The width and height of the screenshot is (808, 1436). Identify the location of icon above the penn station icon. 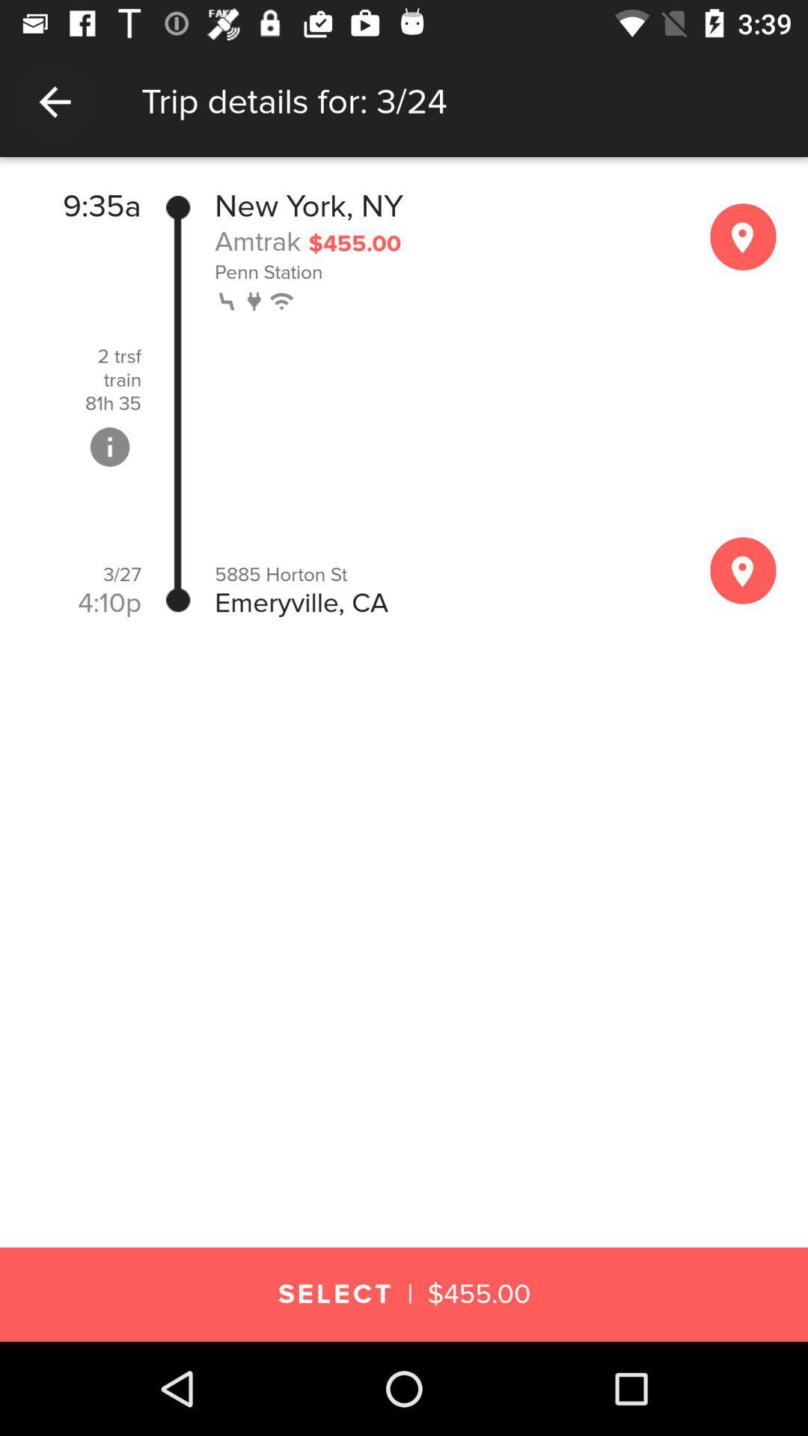
(257, 241).